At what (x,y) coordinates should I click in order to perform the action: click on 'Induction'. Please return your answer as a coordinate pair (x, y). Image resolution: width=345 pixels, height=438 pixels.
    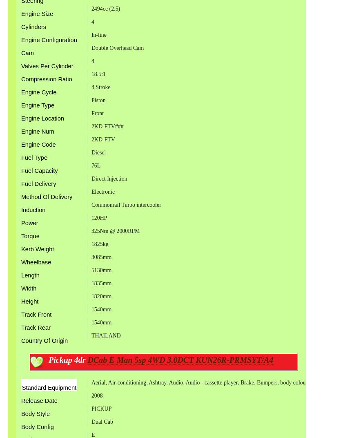
    Looking at the image, I should click on (33, 210).